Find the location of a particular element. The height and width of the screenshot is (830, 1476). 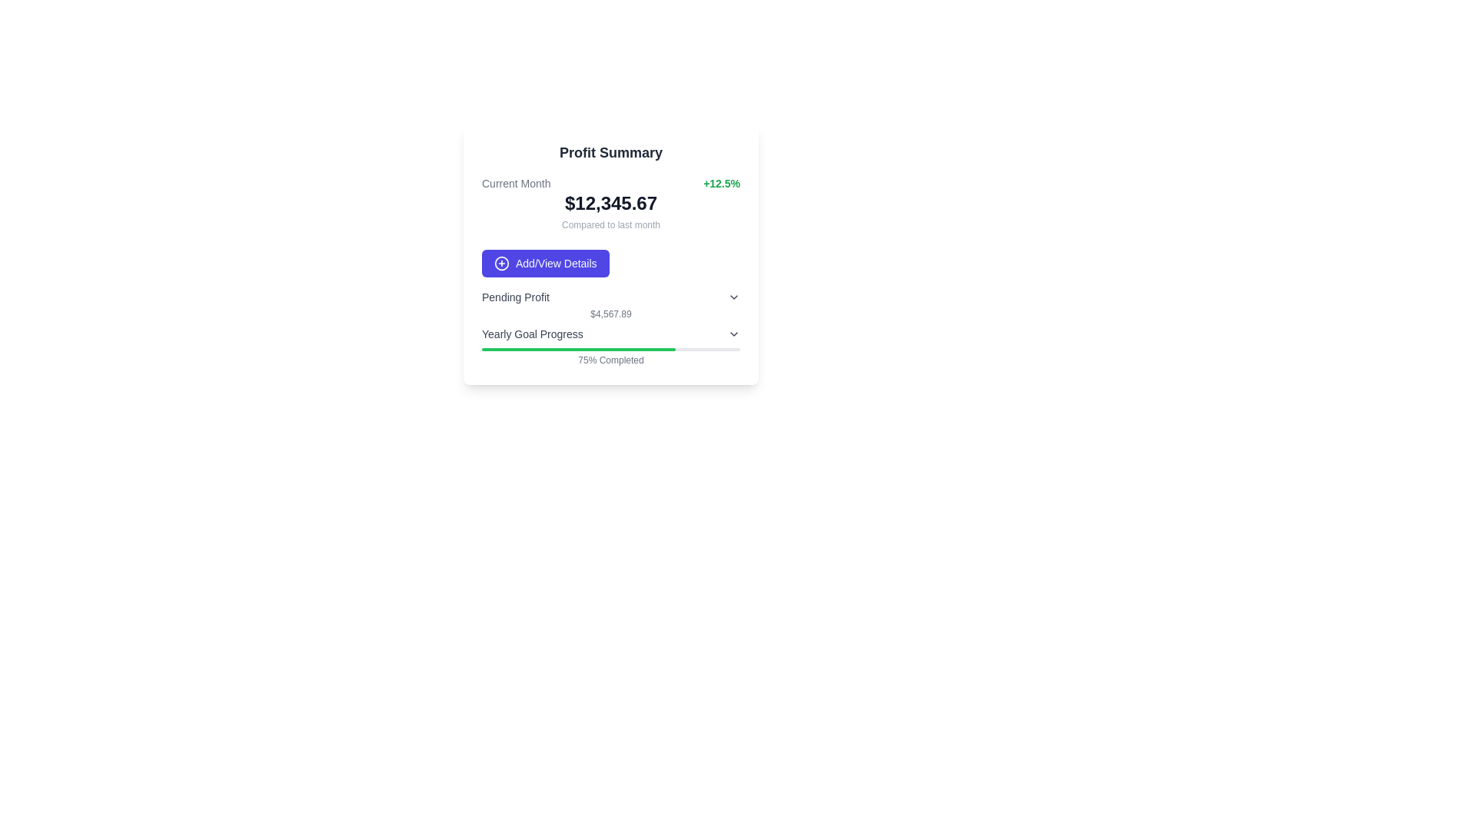

the 'Pending Profit' text label displayed in dark gray font, located beneath the 'Add/View Details' button at the top-center of the interface is located at coordinates (516, 297).